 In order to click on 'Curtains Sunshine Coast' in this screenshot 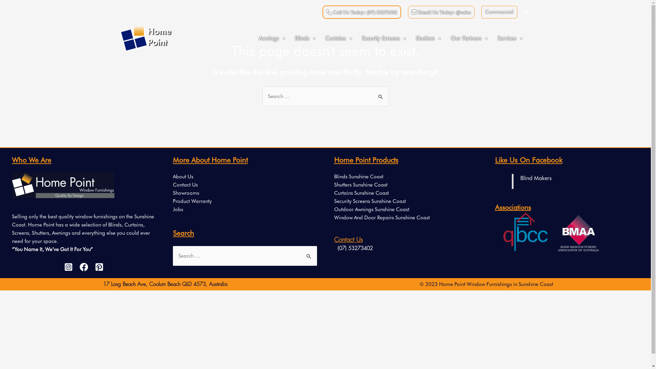, I will do `click(361, 193)`.